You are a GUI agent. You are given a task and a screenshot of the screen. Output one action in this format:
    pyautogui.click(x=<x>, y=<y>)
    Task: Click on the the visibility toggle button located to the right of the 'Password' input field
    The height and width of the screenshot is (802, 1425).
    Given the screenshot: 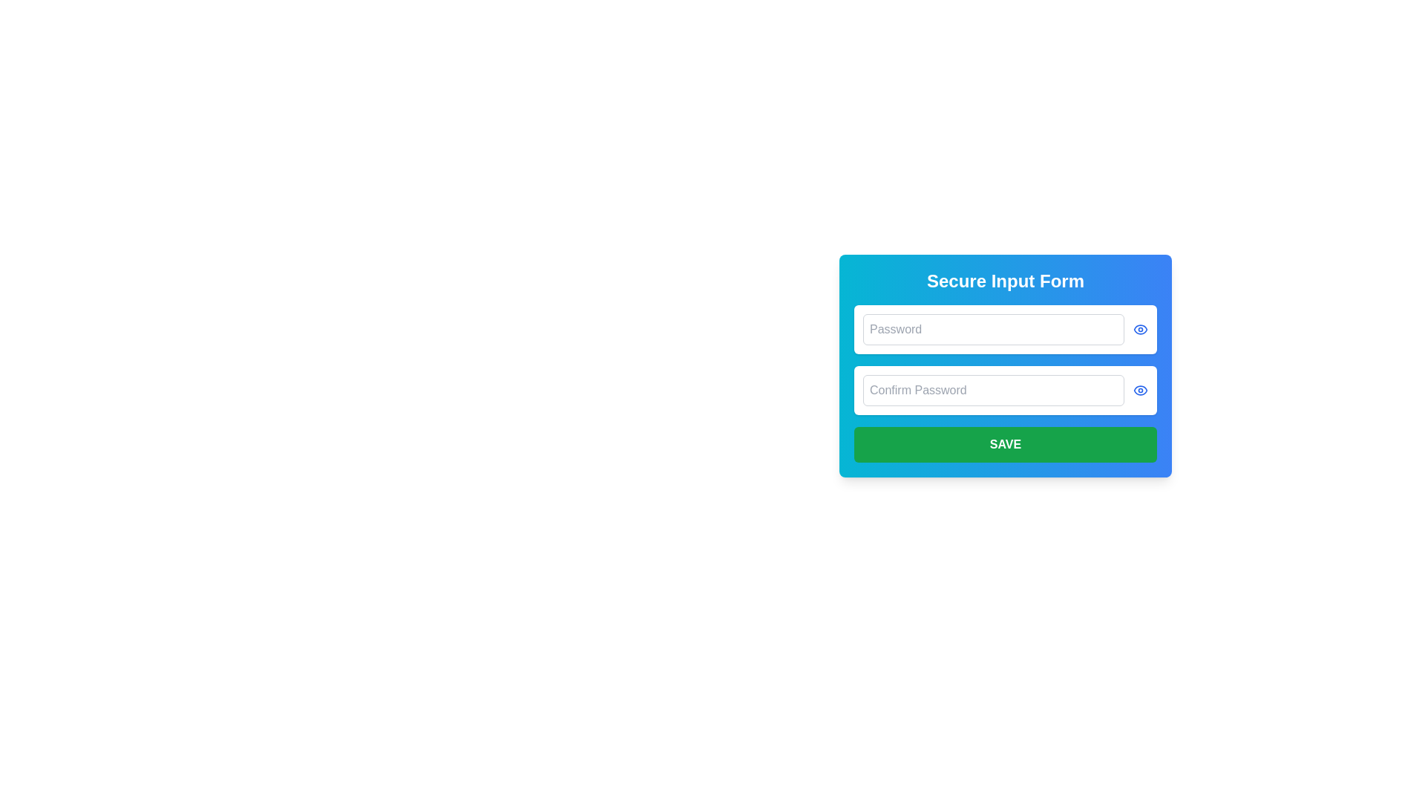 What is the action you would take?
    pyautogui.click(x=1139, y=328)
    